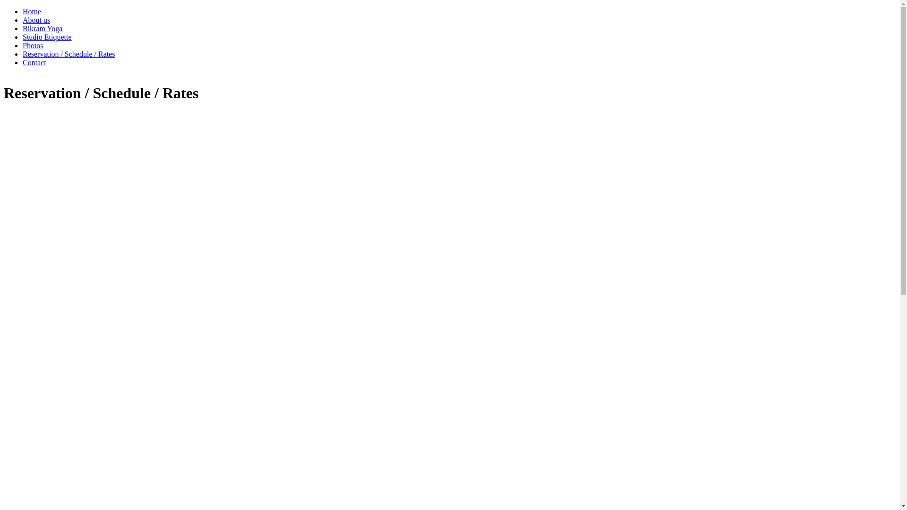  Describe the element at coordinates (34, 62) in the screenshot. I see `'Contact'` at that location.